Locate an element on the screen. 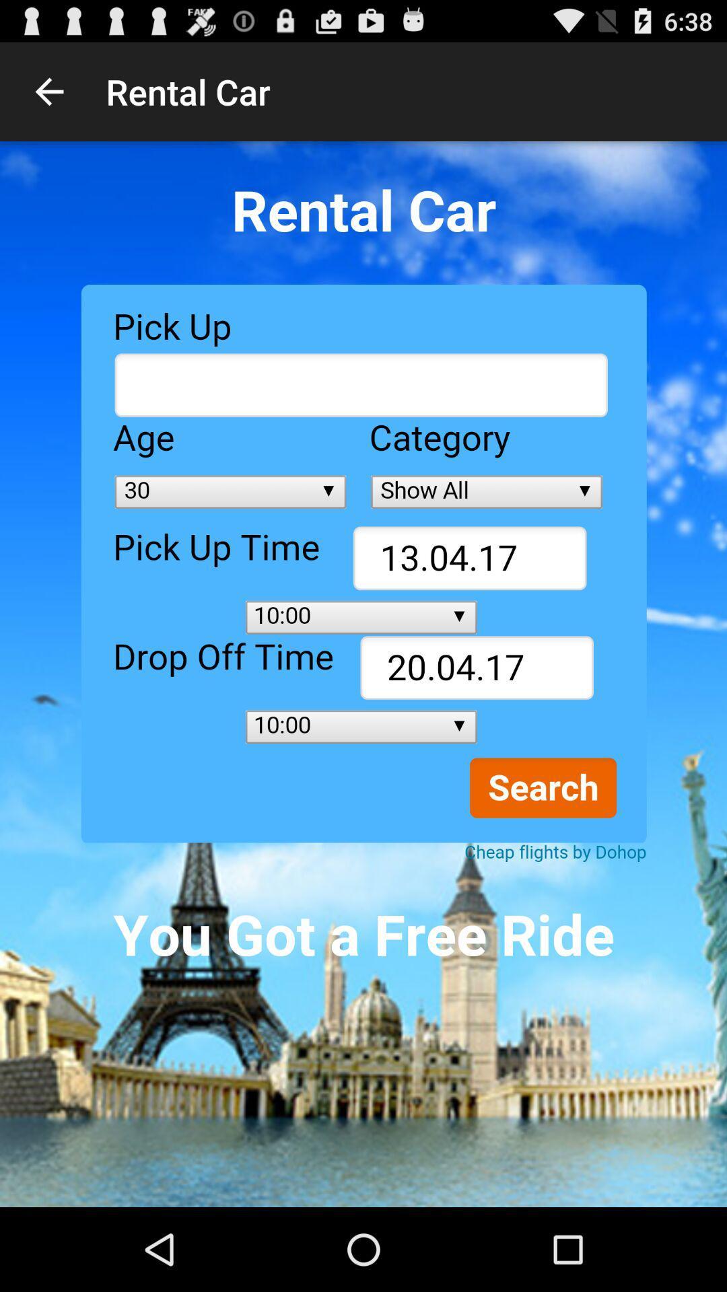 The image size is (727, 1292). seeing in the parargraph is located at coordinates (363, 674).